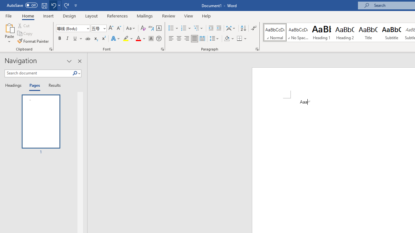  I want to click on 'Align Right', so click(186, 39).